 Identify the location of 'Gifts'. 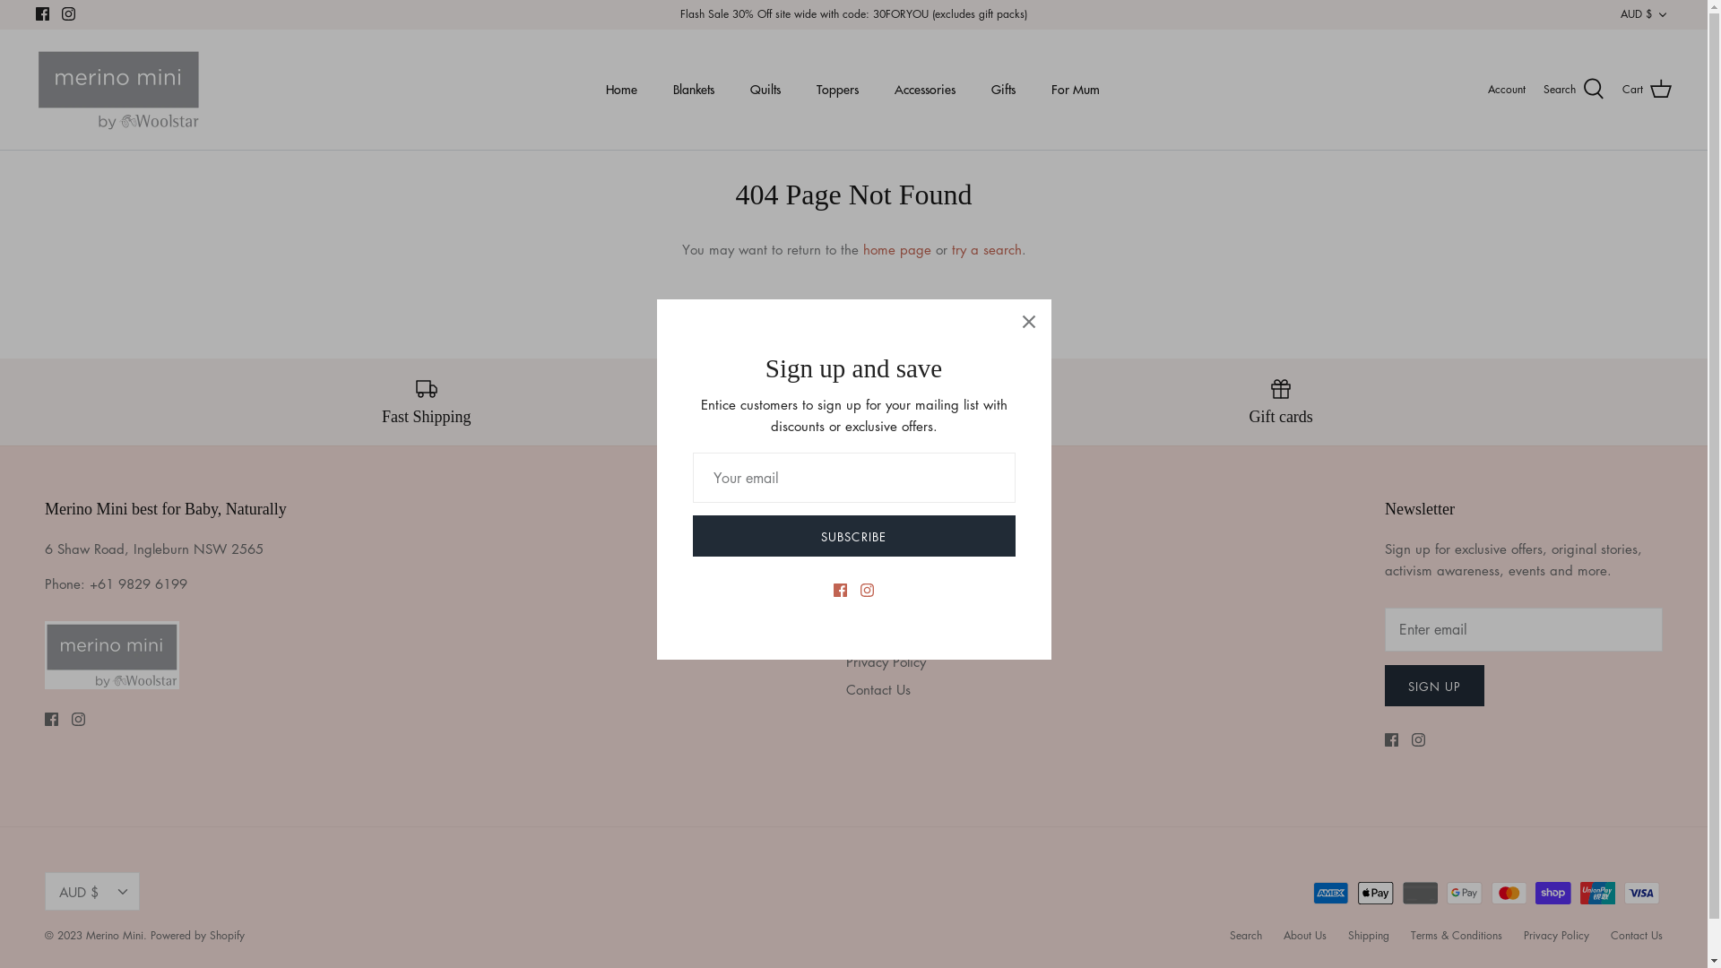
(1002, 89).